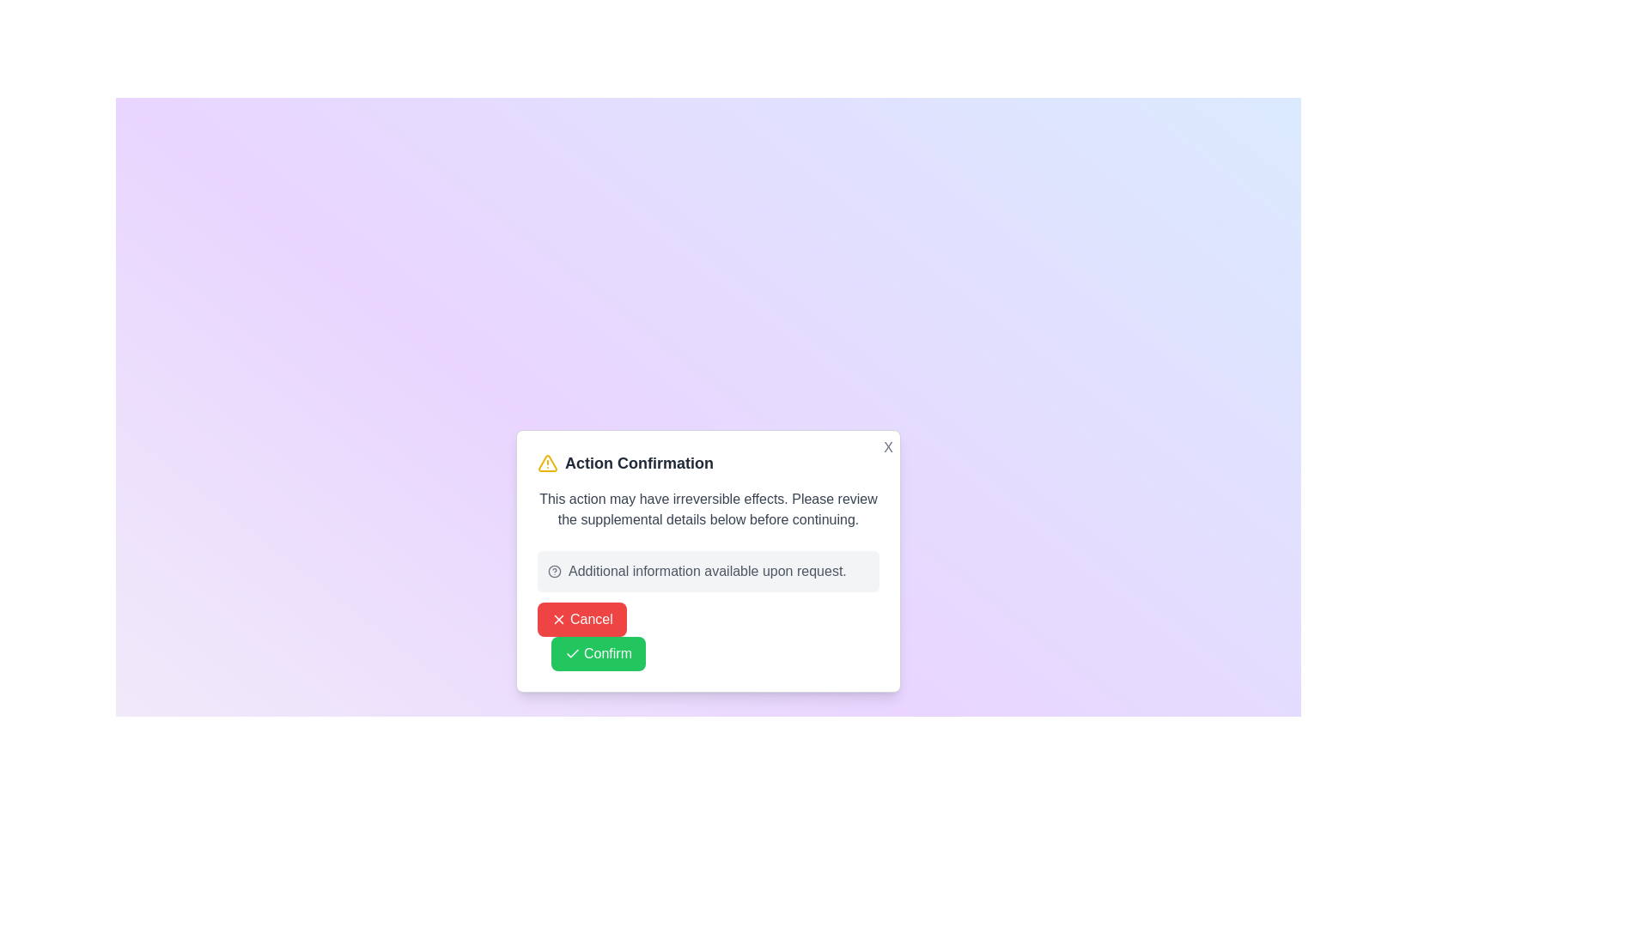  What do you see at coordinates (709, 572) in the screenshot?
I see `the informational text with an accompanying icon located in the modal dialog box` at bounding box center [709, 572].